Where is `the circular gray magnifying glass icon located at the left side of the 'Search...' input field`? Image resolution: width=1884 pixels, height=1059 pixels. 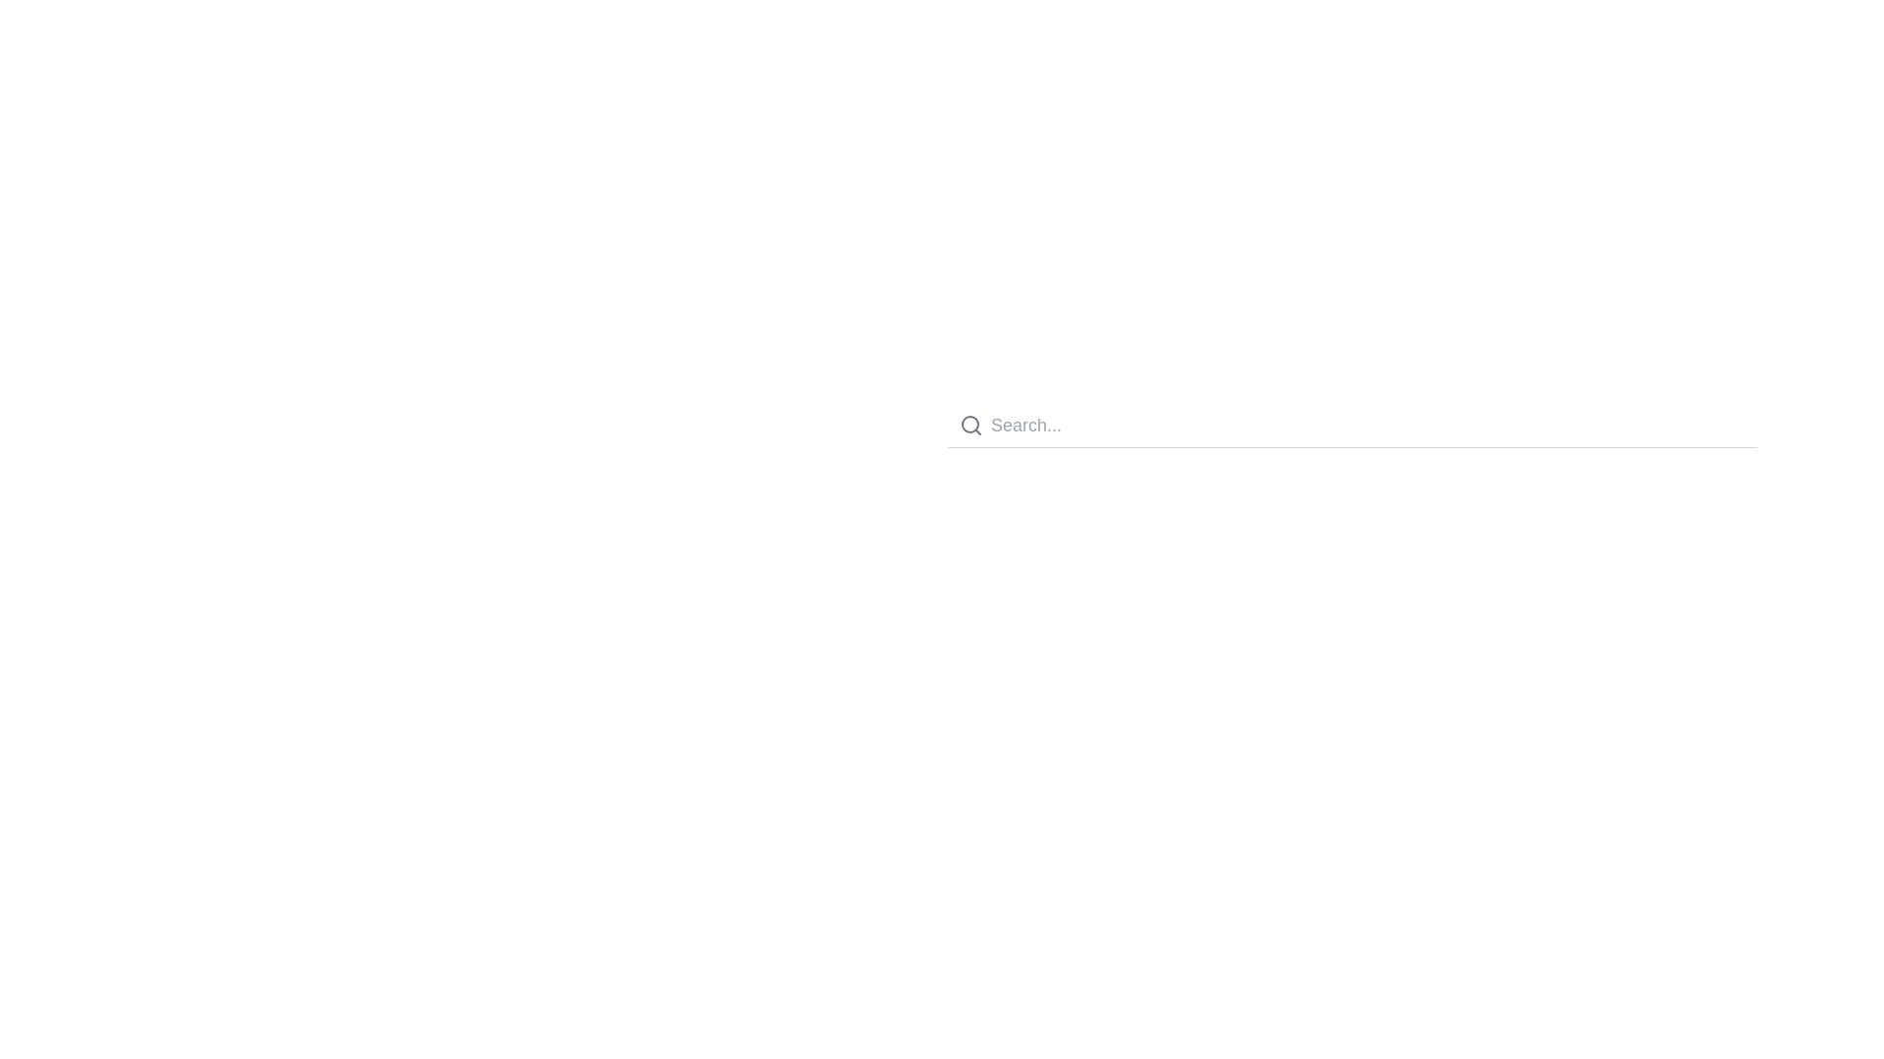
the circular gray magnifying glass icon located at the left side of the 'Search...' input field is located at coordinates (970, 425).